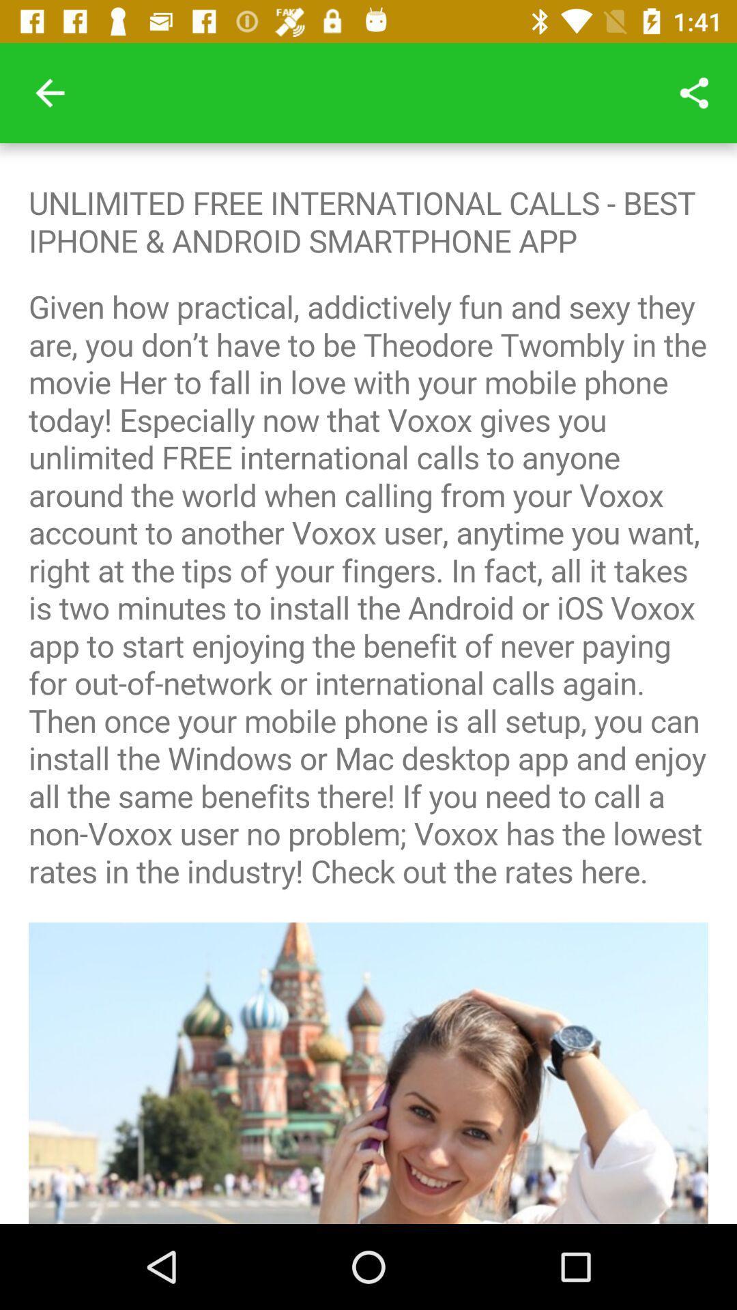  Describe the element at coordinates (369, 684) in the screenshot. I see `article about international calls` at that location.